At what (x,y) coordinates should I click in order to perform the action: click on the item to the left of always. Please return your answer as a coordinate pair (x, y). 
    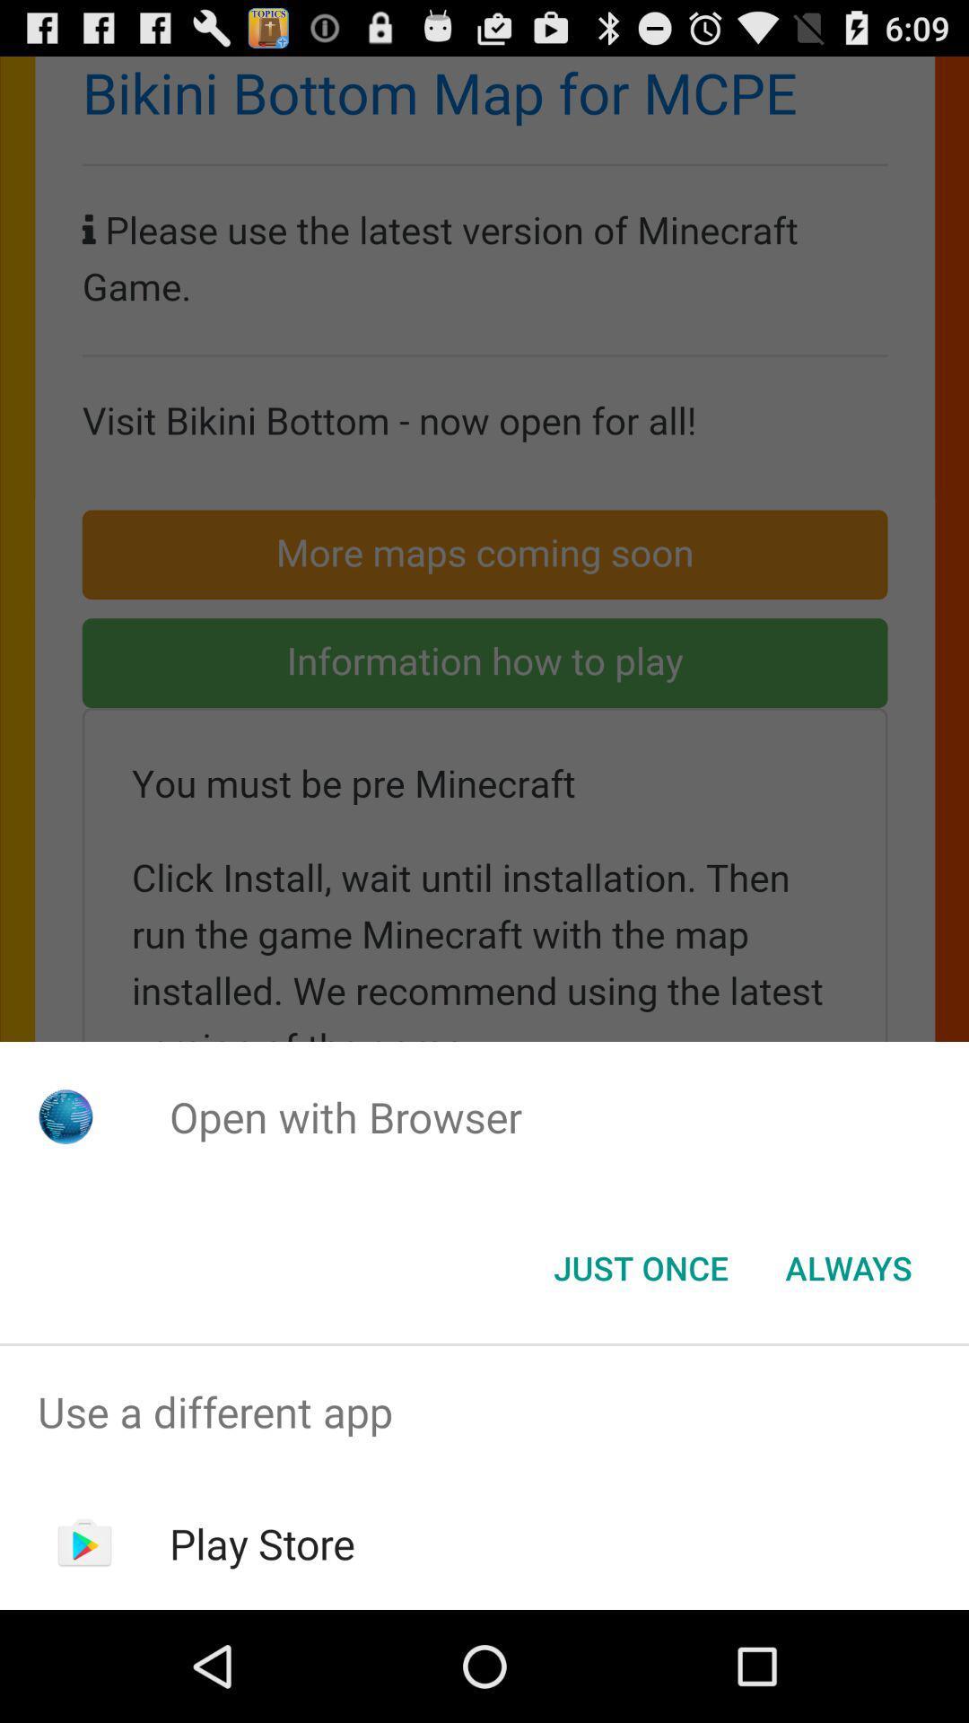
    Looking at the image, I should click on (640, 1266).